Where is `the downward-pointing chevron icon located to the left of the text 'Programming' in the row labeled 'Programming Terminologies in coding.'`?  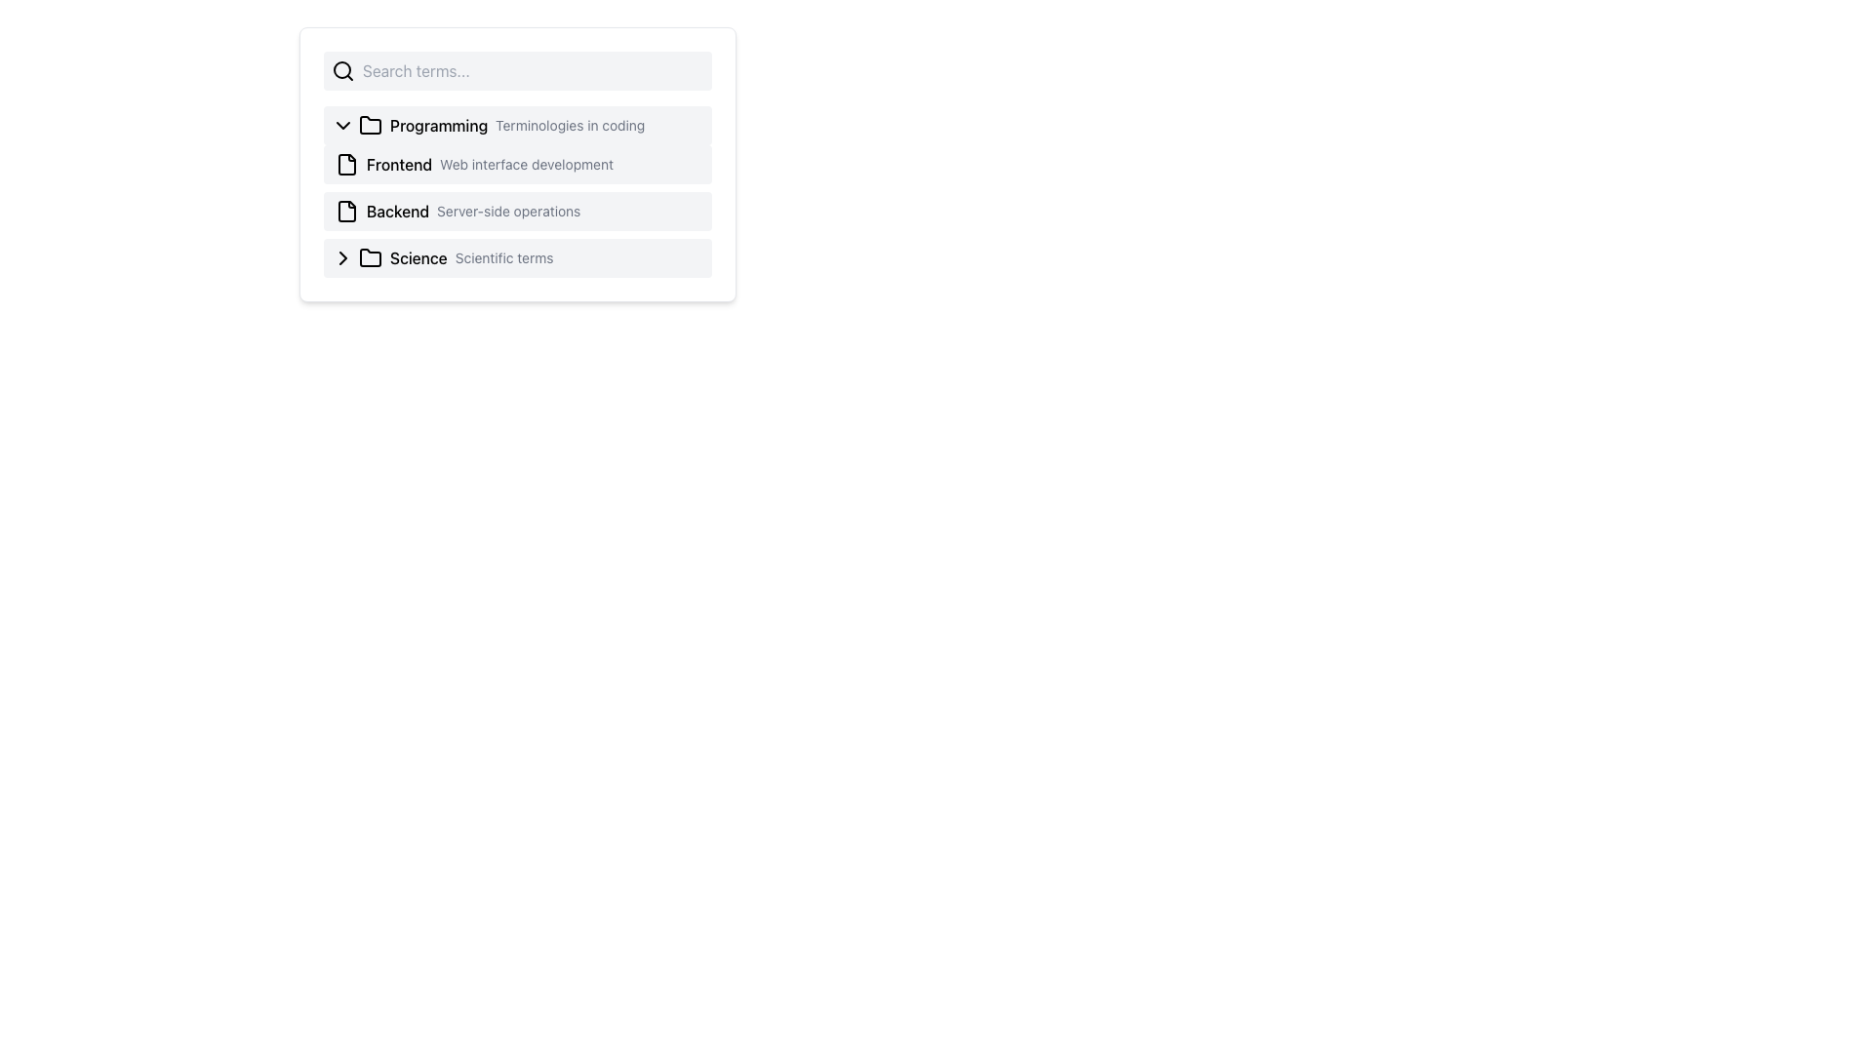 the downward-pointing chevron icon located to the left of the text 'Programming' in the row labeled 'Programming Terminologies in coding.' is located at coordinates (342, 125).